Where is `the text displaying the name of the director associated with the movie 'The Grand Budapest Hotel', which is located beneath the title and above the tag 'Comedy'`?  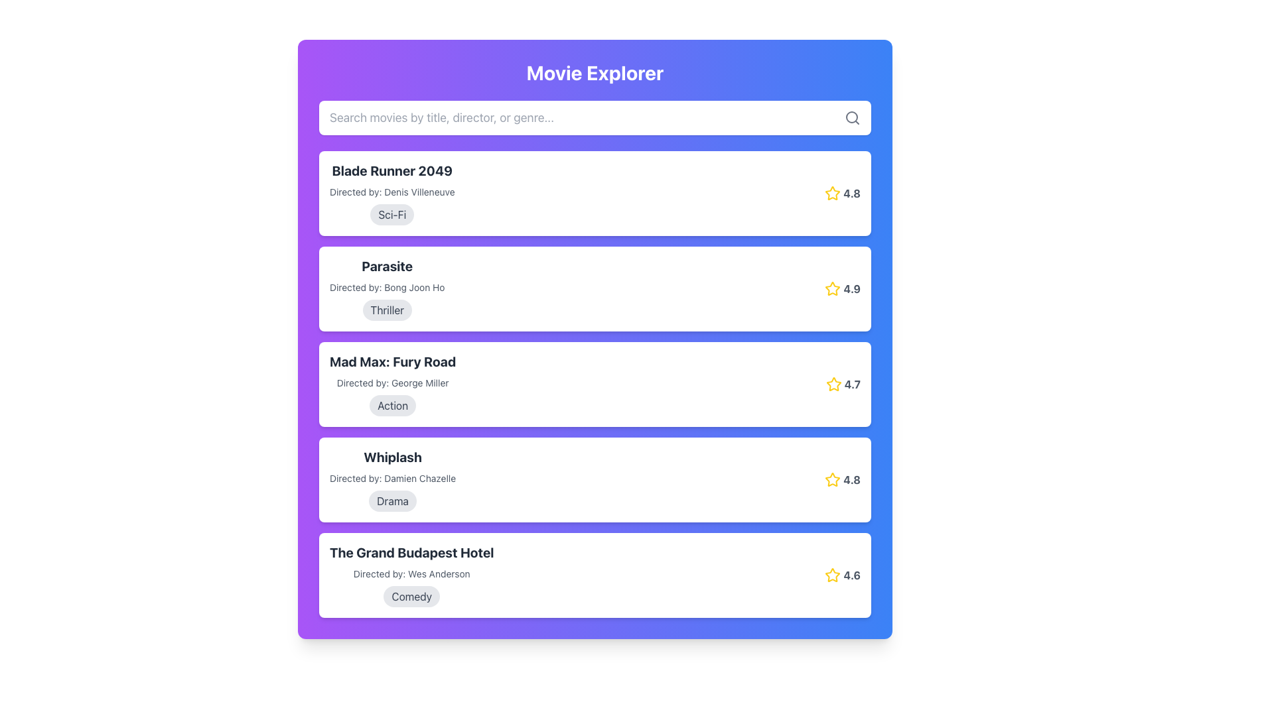
the text displaying the name of the director associated with the movie 'The Grand Budapest Hotel', which is located beneath the title and above the tag 'Comedy' is located at coordinates (411, 573).